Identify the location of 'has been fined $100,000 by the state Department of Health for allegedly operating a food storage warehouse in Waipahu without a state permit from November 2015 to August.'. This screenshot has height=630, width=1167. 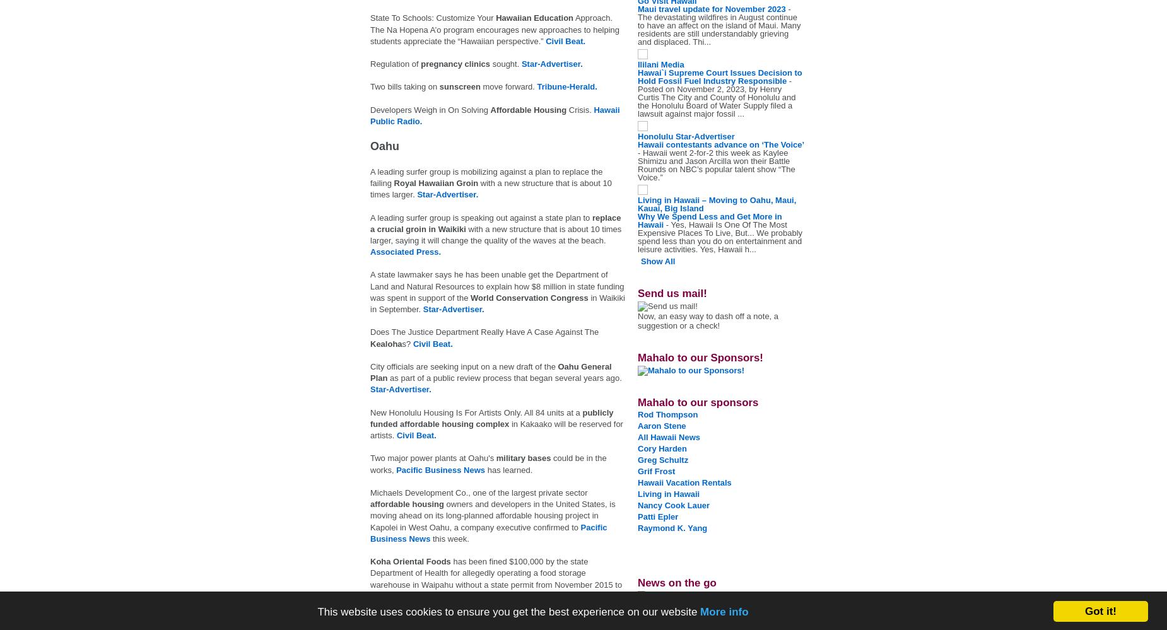
(496, 578).